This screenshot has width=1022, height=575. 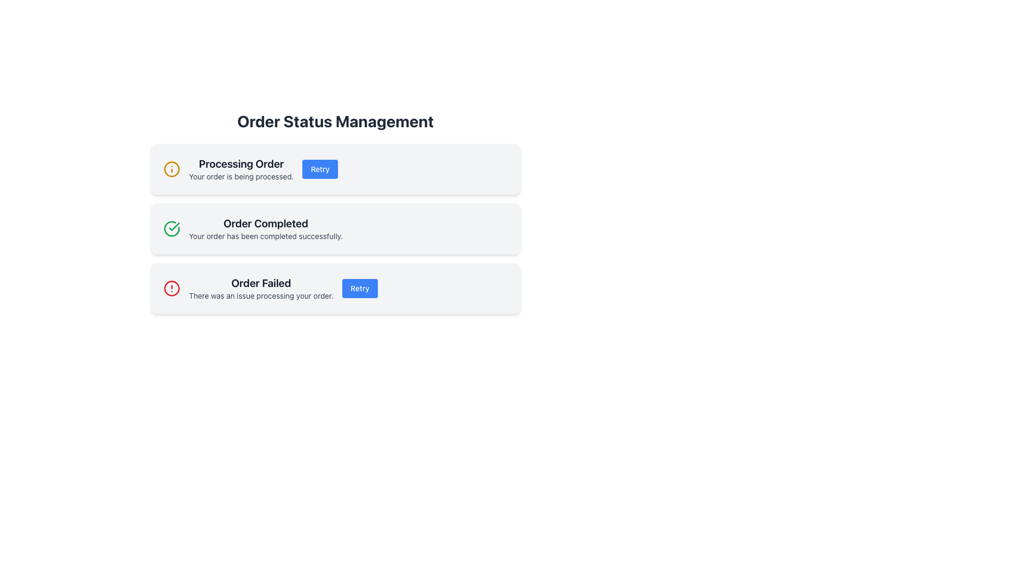 What do you see at coordinates (241, 168) in the screenshot?
I see `displayed text from the Text Display component, which contains the title 'Processing Order' and subtitle 'Your order is being processed.' in a light grey notification box` at bounding box center [241, 168].